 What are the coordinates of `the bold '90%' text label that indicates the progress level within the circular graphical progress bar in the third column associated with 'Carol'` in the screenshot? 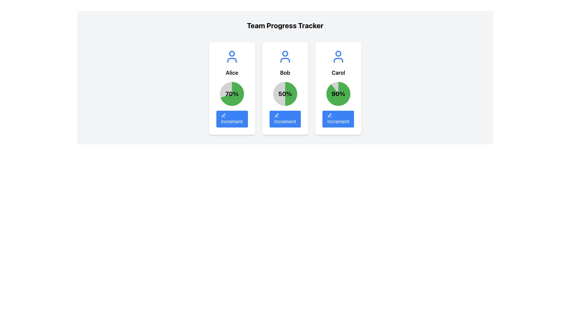 It's located at (338, 94).